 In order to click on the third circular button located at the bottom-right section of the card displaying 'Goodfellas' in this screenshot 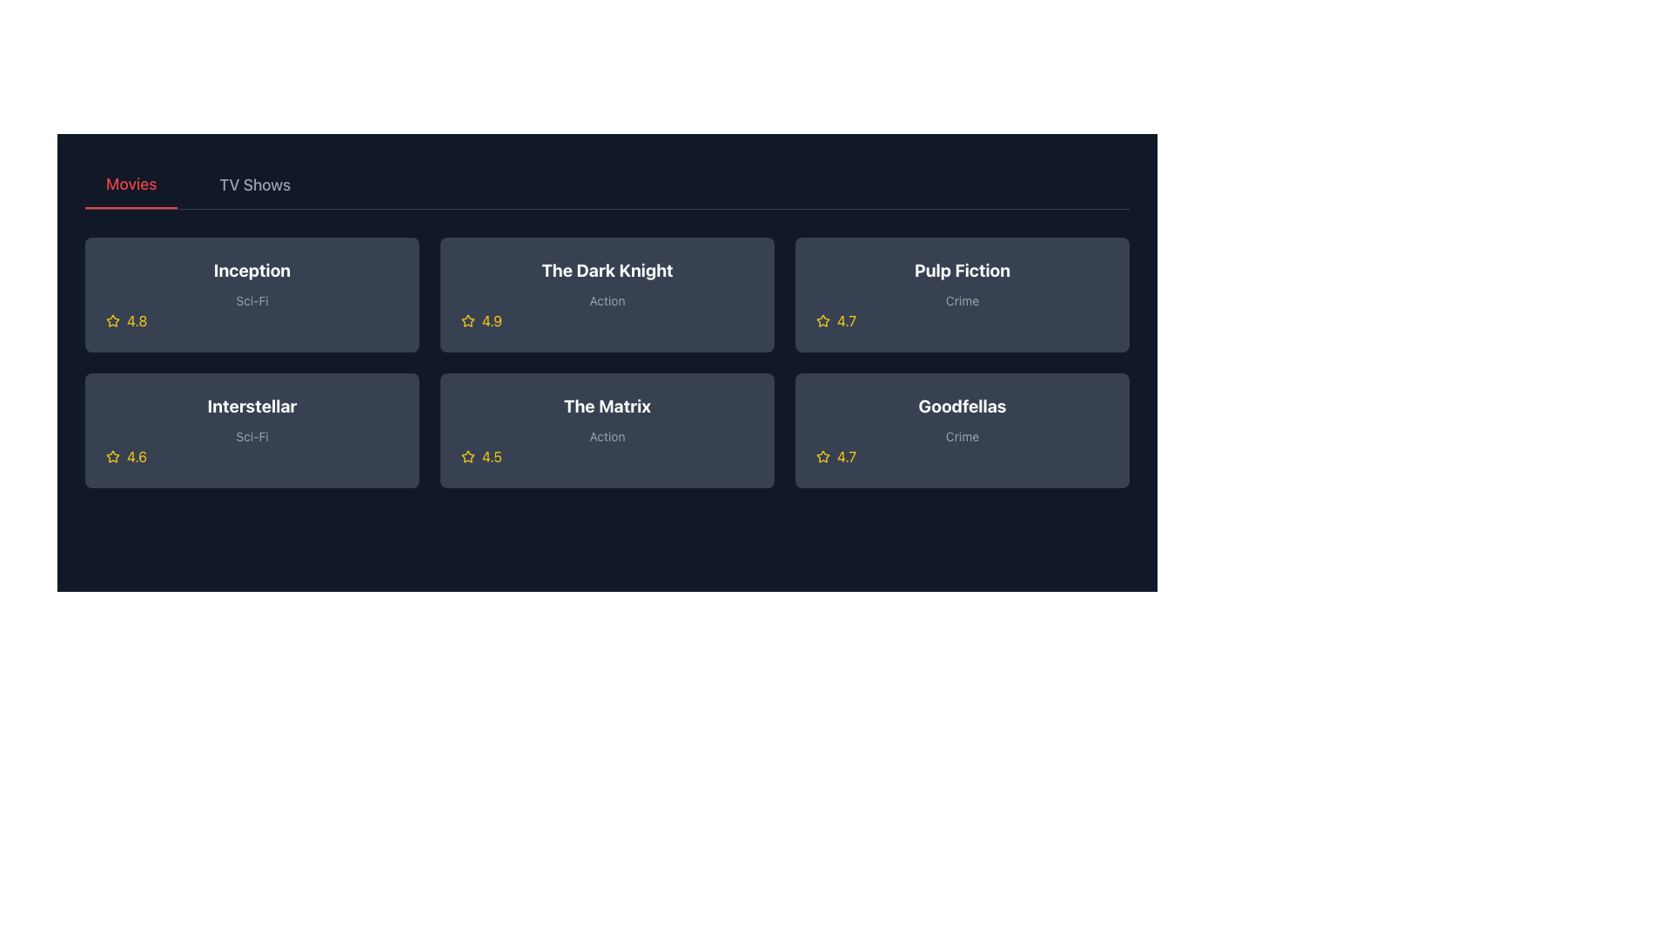, I will do `click(961, 430)`.